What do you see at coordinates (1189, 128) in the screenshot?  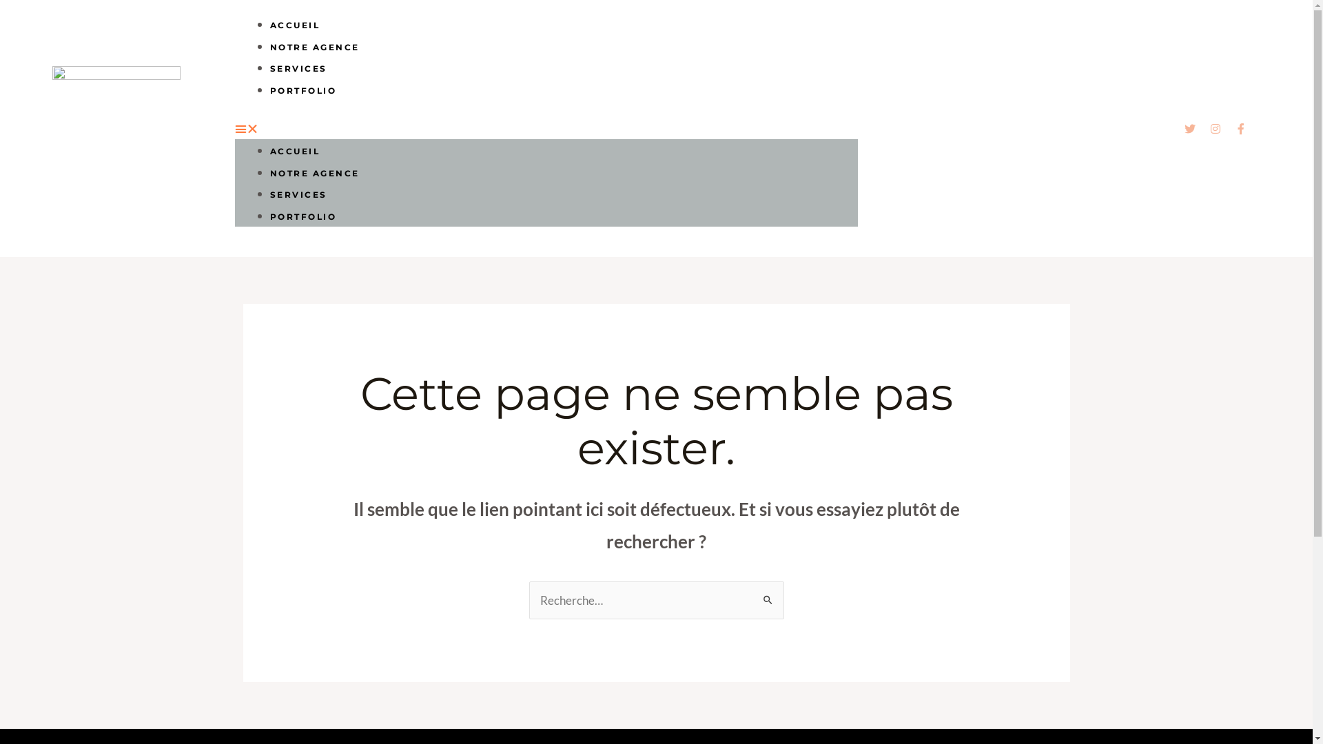 I see `'Twitter'` at bounding box center [1189, 128].